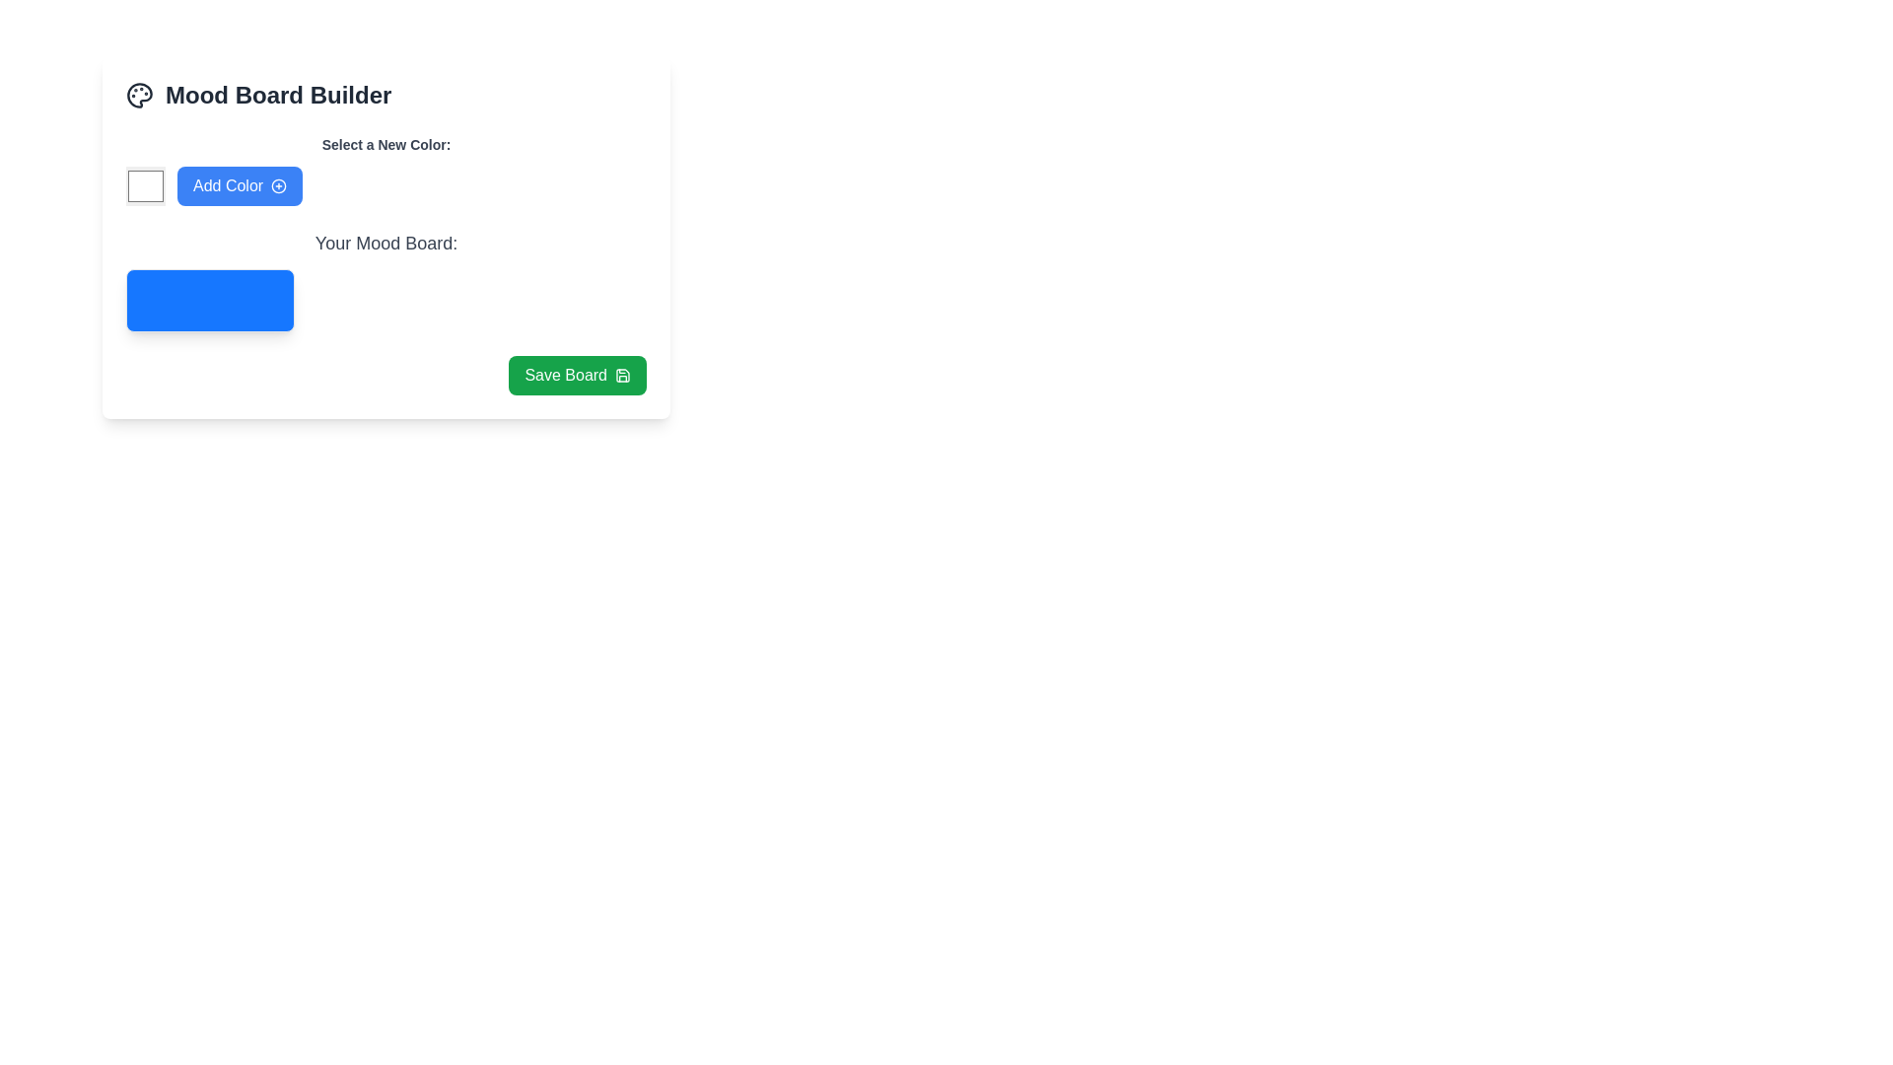  What do you see at coordinates (386, 242) in the screenshot?
I see `the static text label that serves as a header for the mood board section, located centrally beneath the 'Add Color' button` at bounding box center [386, 242].